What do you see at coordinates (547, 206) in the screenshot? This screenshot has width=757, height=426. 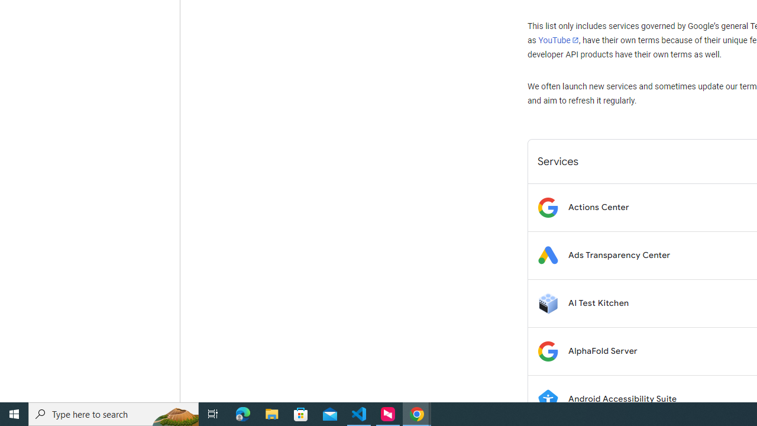 I see `'Logo for Actions Center'` at bounding box center [547, 206].